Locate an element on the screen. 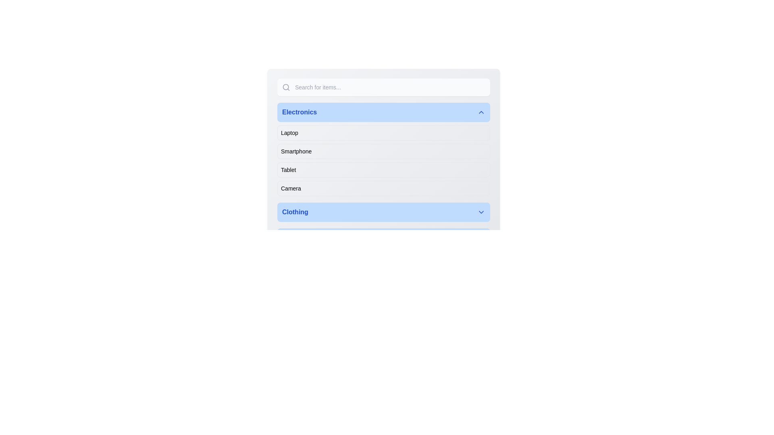 The height and width of the screenshot is (435, 774). the 'Clothing' text label element, which is a bold blue font on a light blue background is located at coordinates (295, 212).